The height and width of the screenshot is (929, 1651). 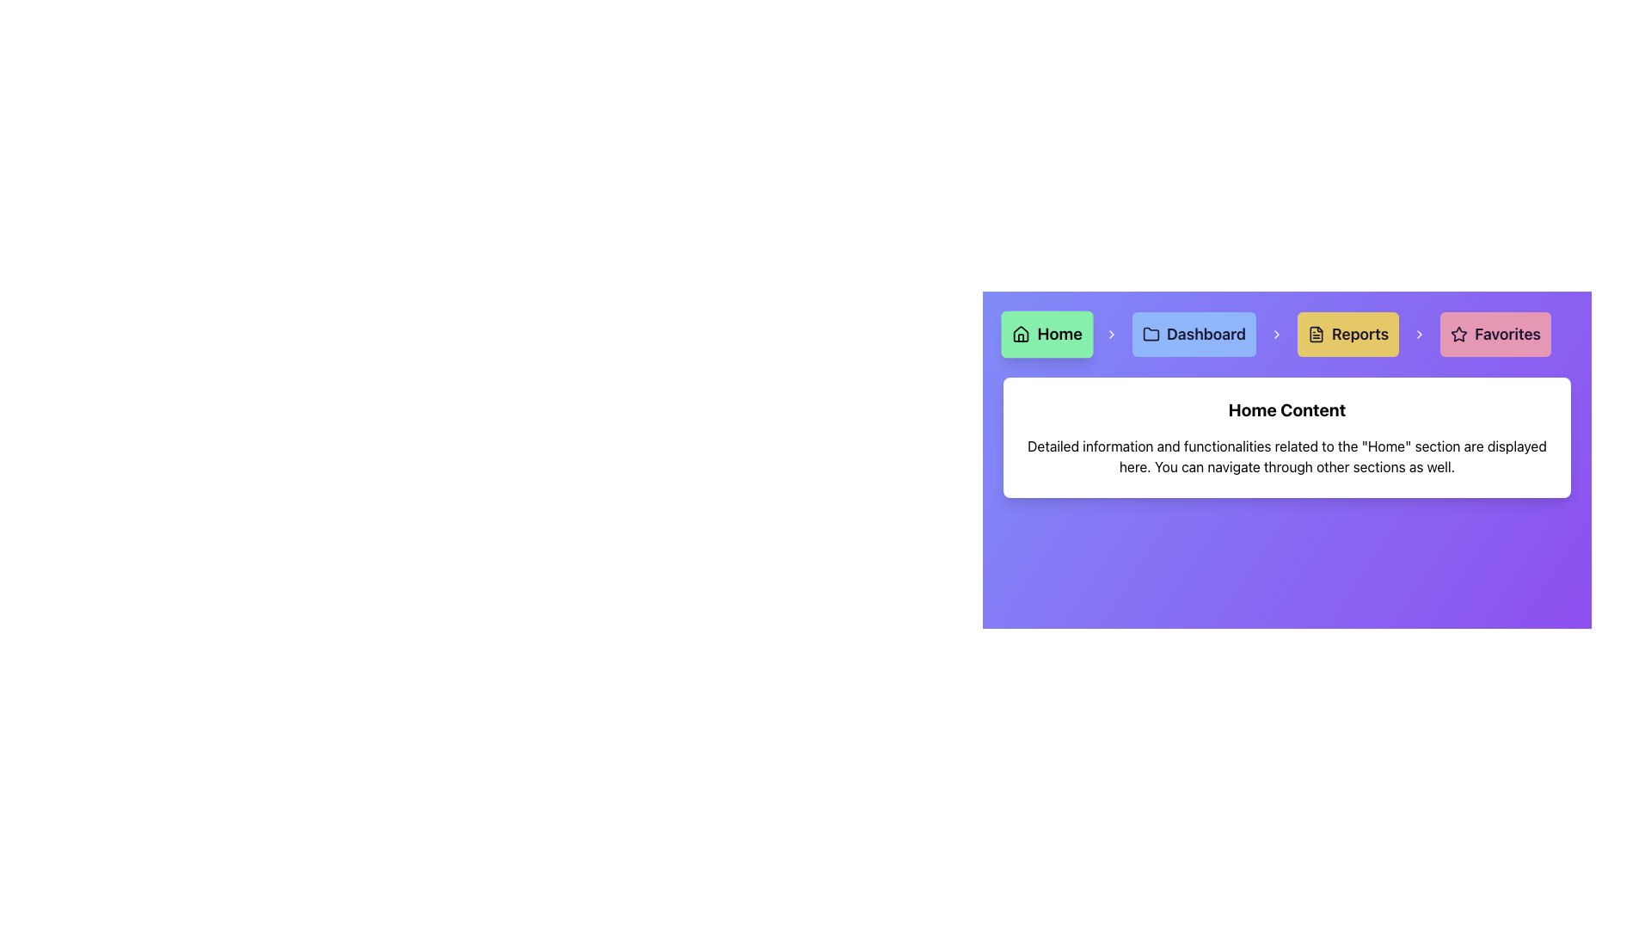 What do you see at coordinates (1316, 335) in the screenshot?
I see `the SVG-based document icon located within the 'Reports' button, which is yellow and rounded, positioned to the left of the text 'Reports'` at bounding box center [1316, 335].